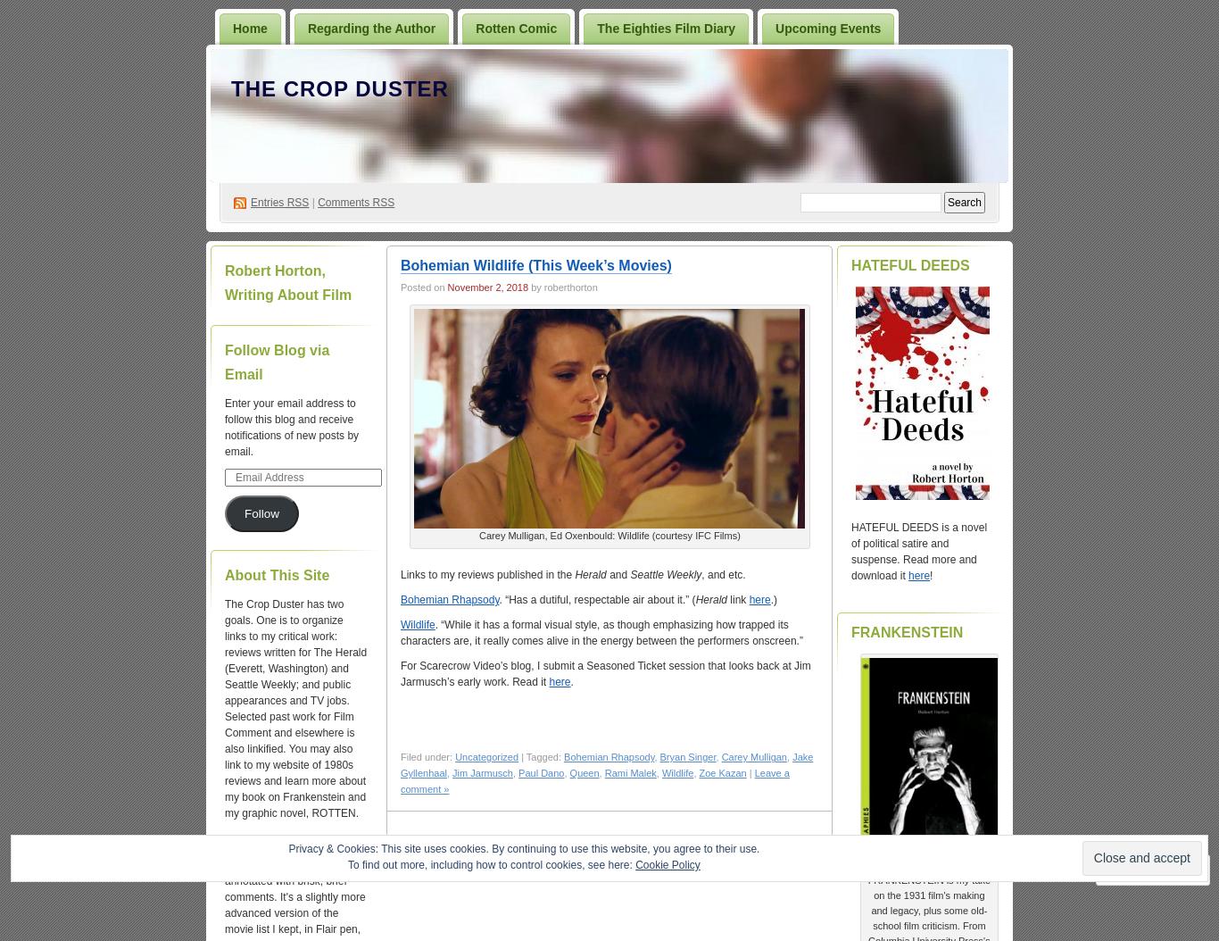 The width and height of the screenshot is (1219, 941). What do you see at coordinates (423, 287) in the screenshot?
I see `'Posted on'` at bounding box center [423, 287].